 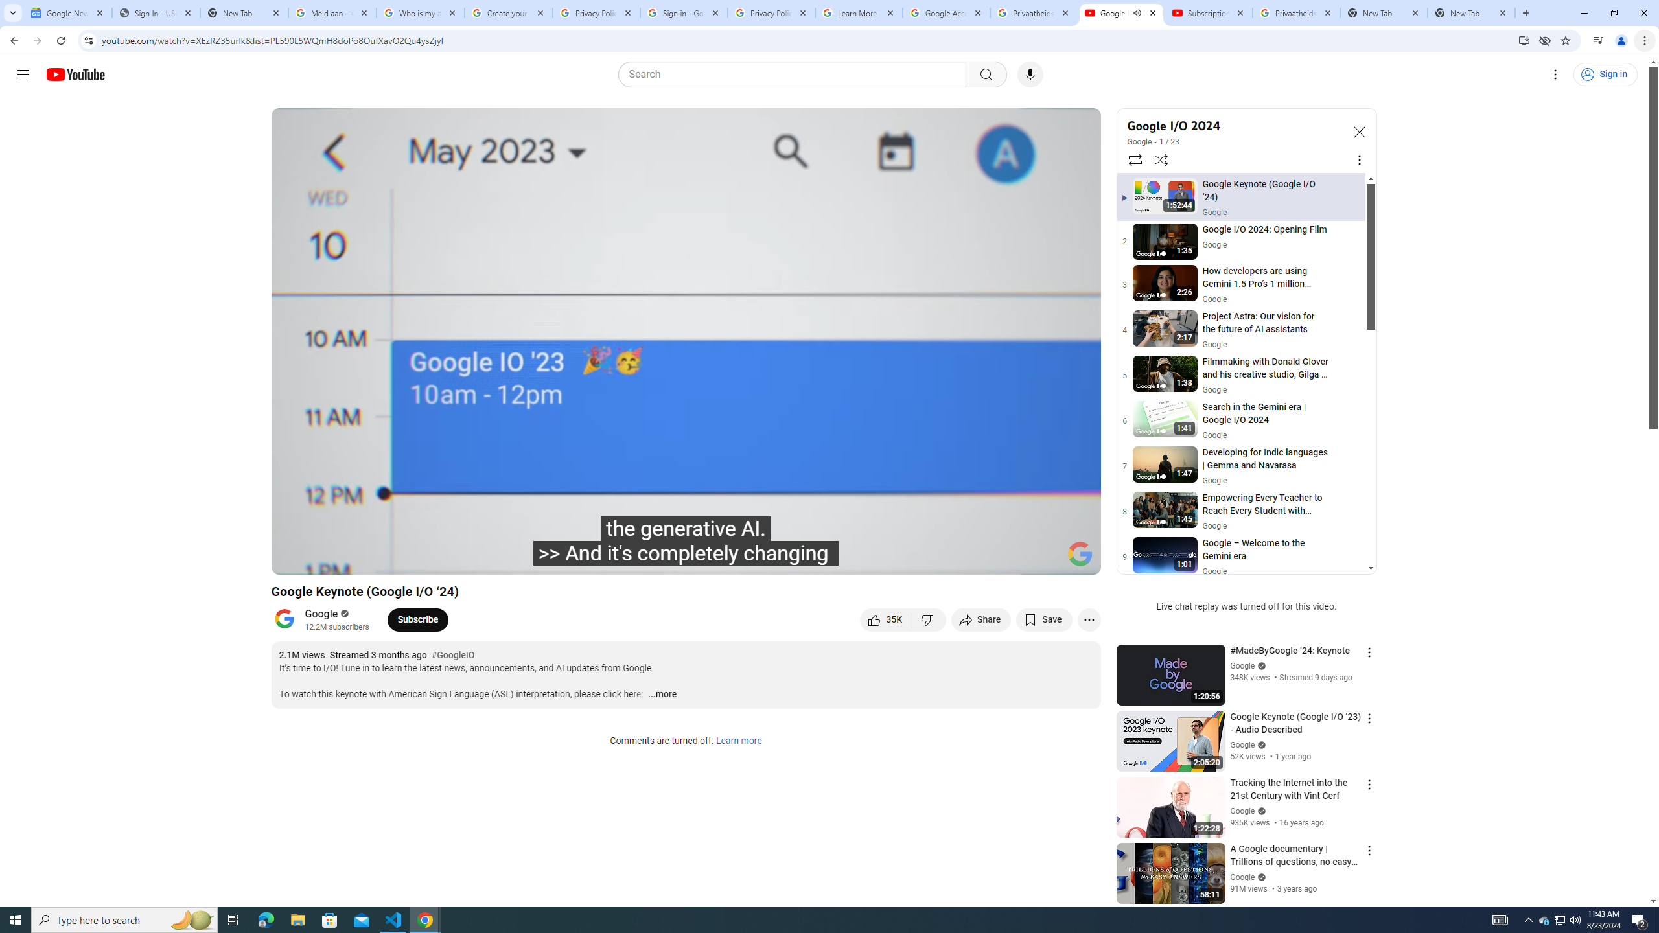 I want to click on 'Mute (m)', so click(x=386, y=559).